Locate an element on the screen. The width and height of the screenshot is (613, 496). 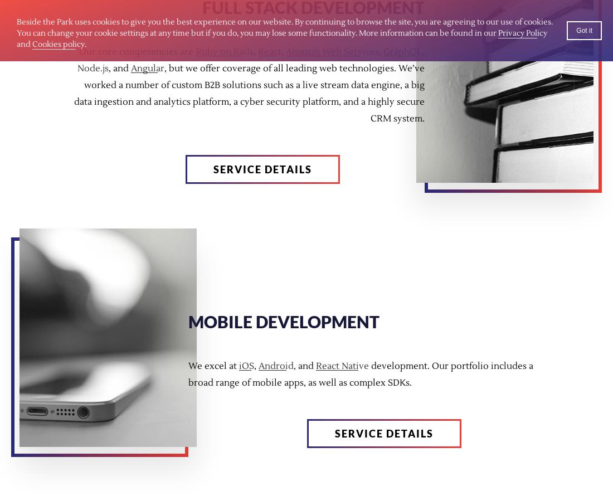
'Beside the Park uses cookies to give you the best experience on our website. By continuing to browse the site, you are agreeing to our use of cookies. You can change your cookie settings at any time but if you do, you may lose some functionality. More information can be found in our' is located at coordinates (284, 28).